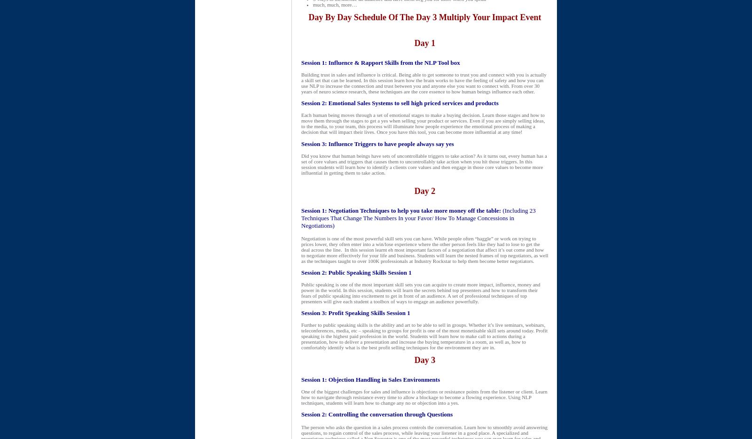 Image resolution: width=752 pixels, height=439 pixels. I want to click on 'Session 1:  Influence & Rapport Skills from the NLP Tool box', so click(380, 62).